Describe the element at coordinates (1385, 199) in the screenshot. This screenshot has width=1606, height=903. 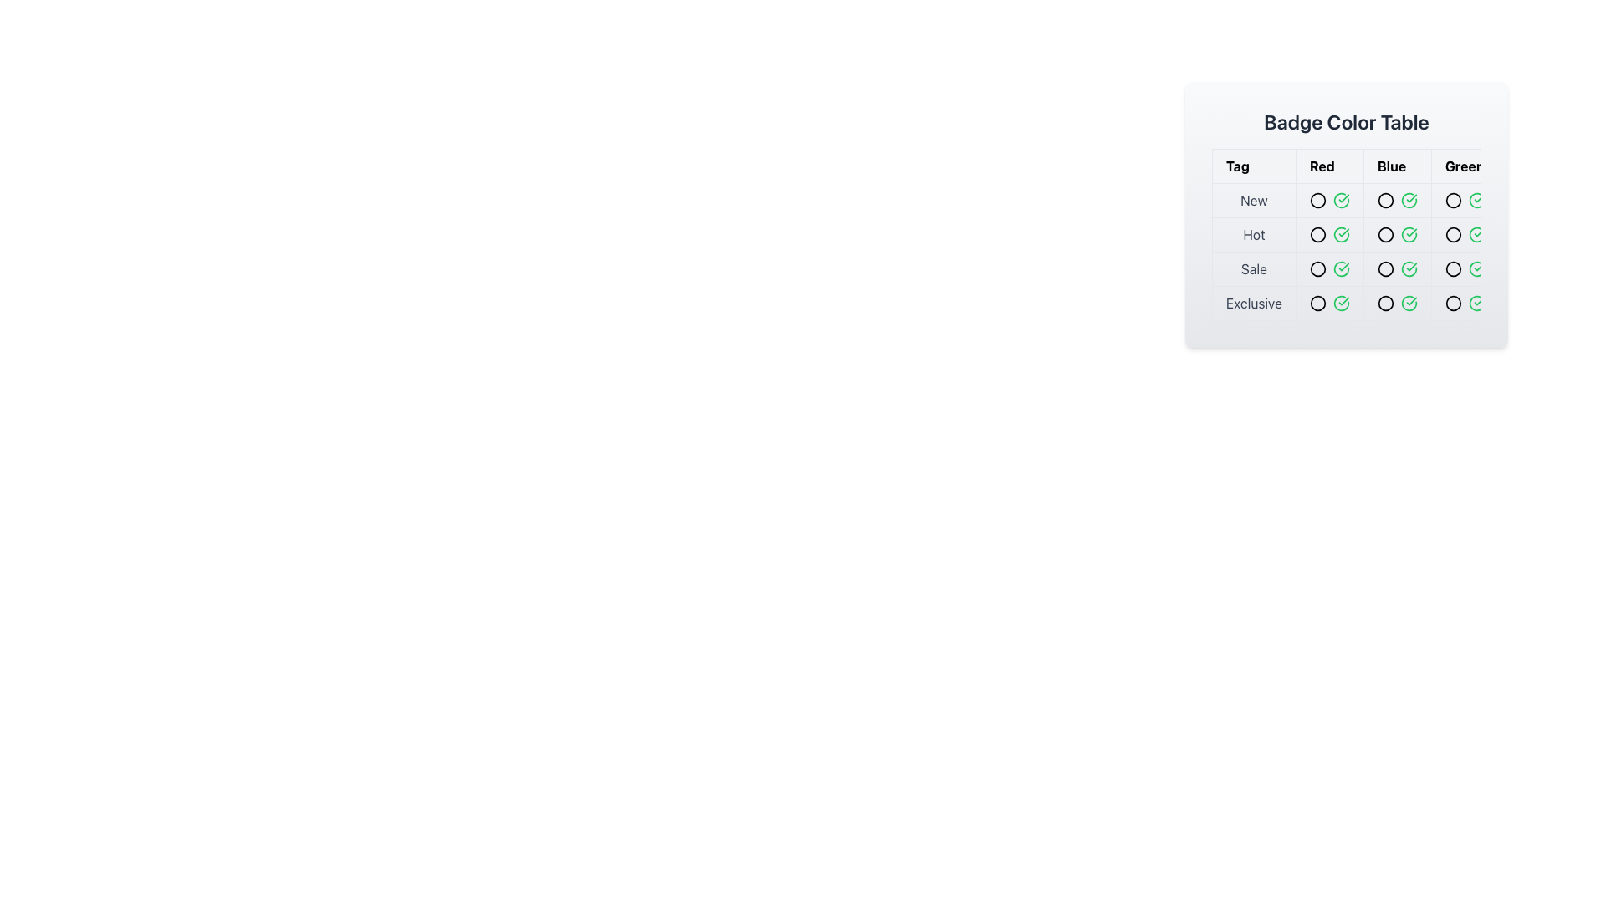
I see `the blue circular icon representing a badge or mark located in the 'Blue' column and 'New' row of the table` at that location.